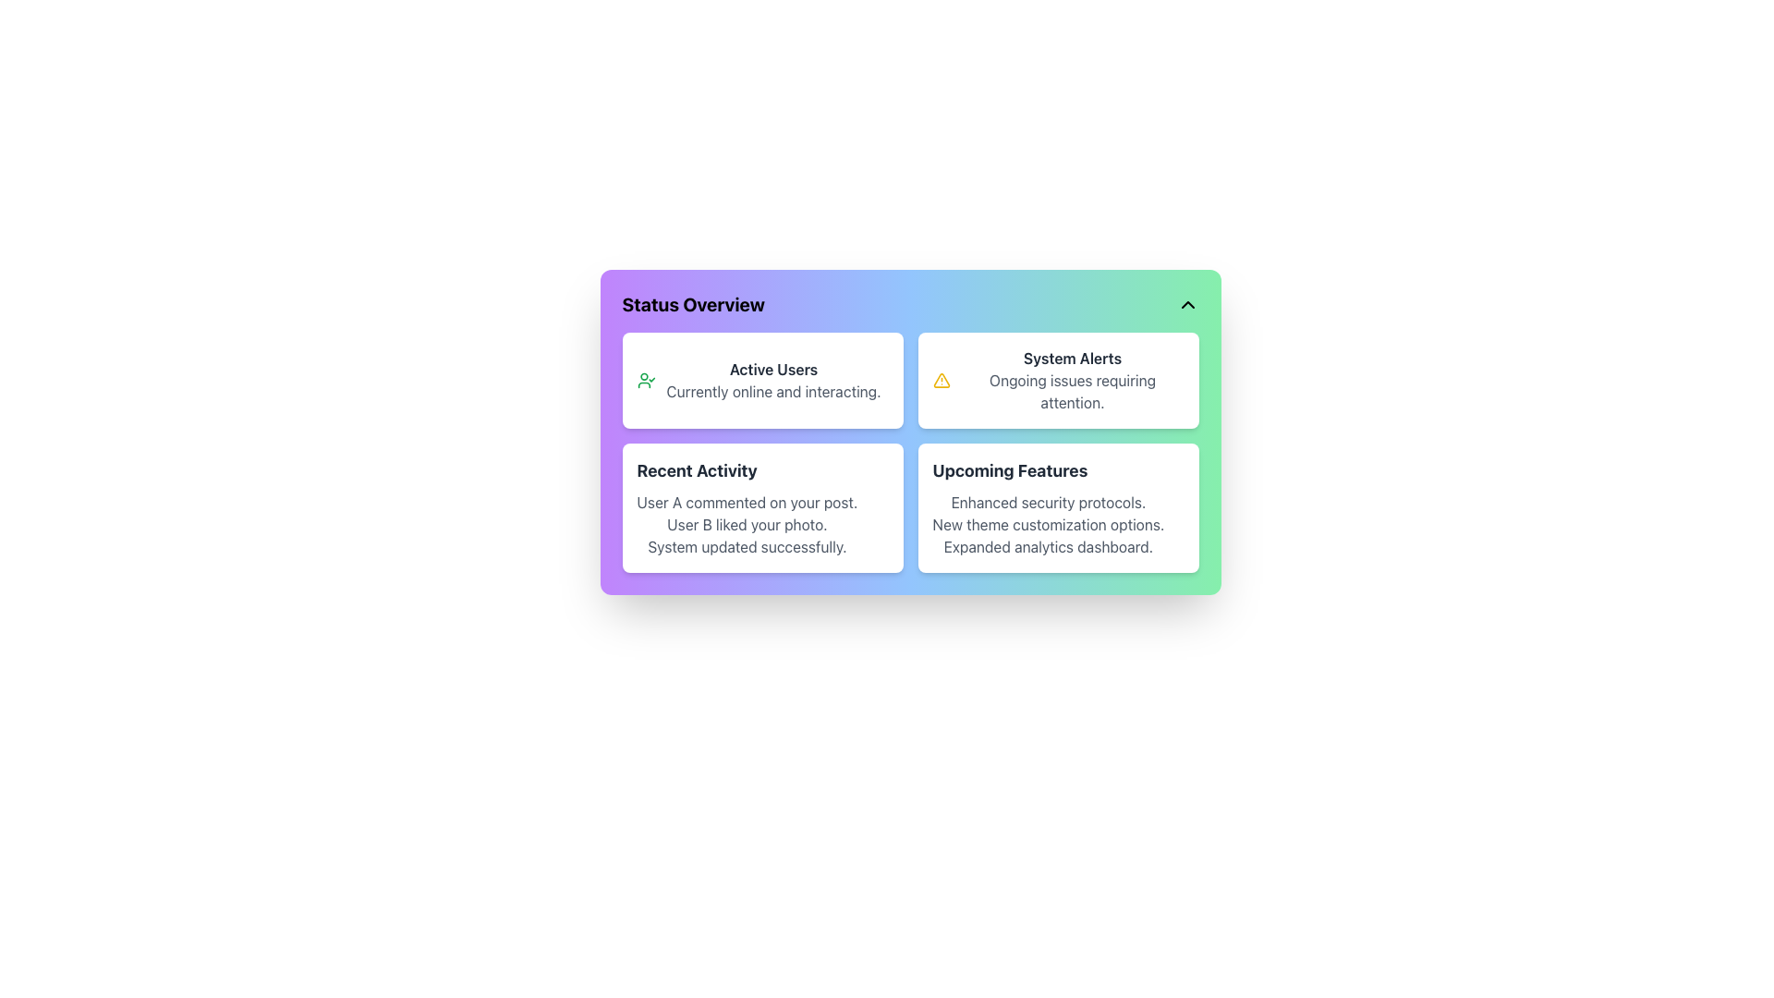 This screenshot has height=998, width=1774. What do you see at coordinates (1048, 524) in the screenshot?
I see `the Text Block containing the phrases 'Enhanced security protocols.', 'New theme customization options.', and 'Expanded analytics dashboard.' located within the 'Upcoming Features' card in the bottom-right quadrant` at bounding box center [1048, 524].